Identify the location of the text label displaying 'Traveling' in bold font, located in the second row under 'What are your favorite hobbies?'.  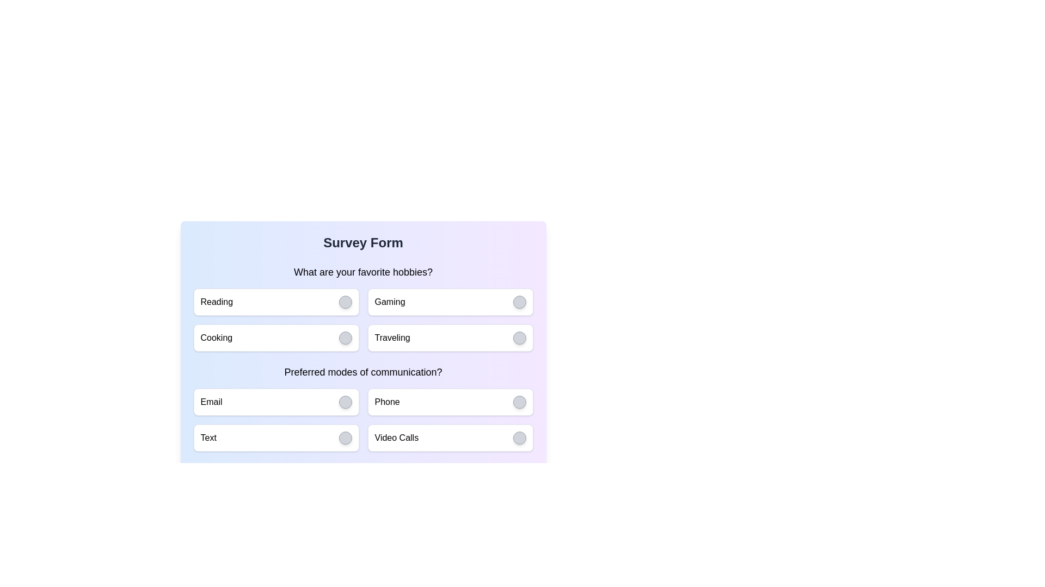
(392, 337).